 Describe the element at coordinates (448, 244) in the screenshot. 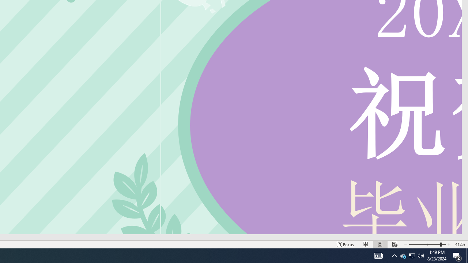

I see `'Zoom In'` at that location.